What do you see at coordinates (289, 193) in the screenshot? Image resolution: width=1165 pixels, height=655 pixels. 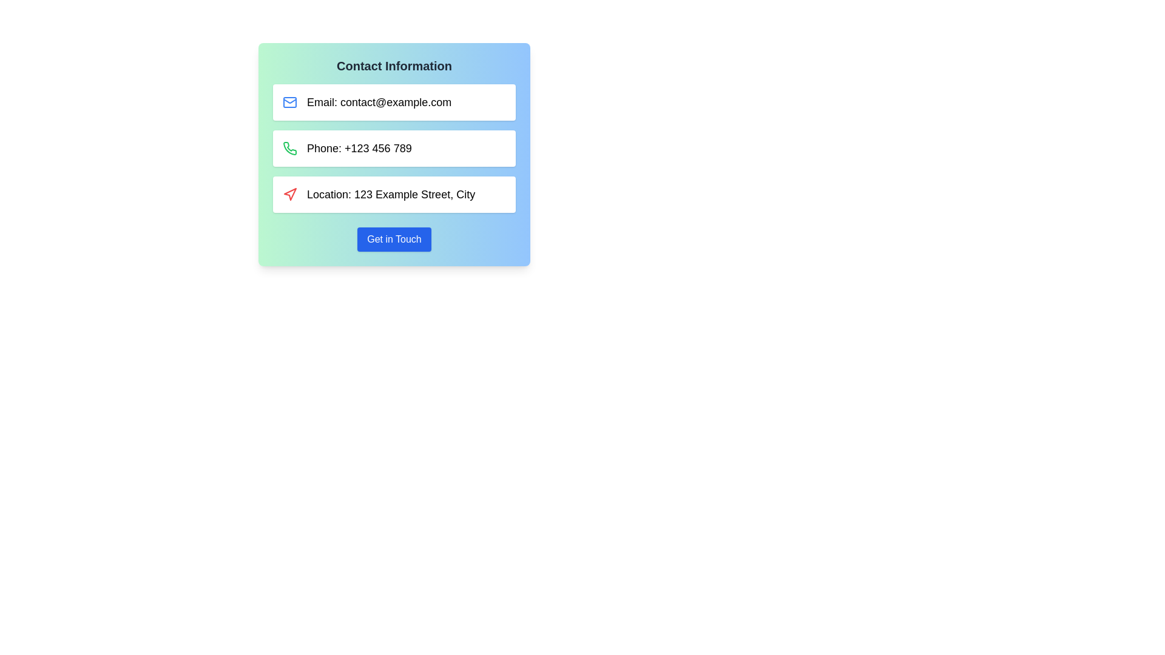 I see `the red navigation icon styled as an upward-pointing arrow, located directly to the left of the text 'Location: 123 Example Street, City'` at bounding box center [289, 193].